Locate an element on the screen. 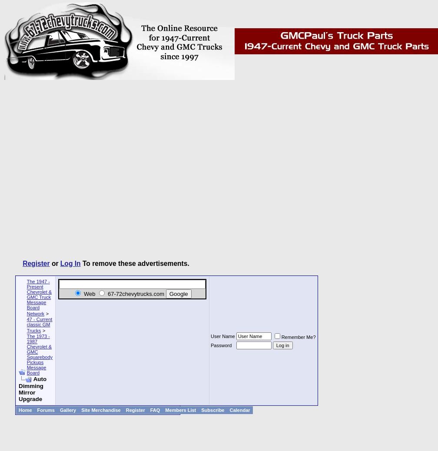  'The 1947 - Present Chevrolet & GMC Truck Message Board Network' is located at coordinates (26, 297).